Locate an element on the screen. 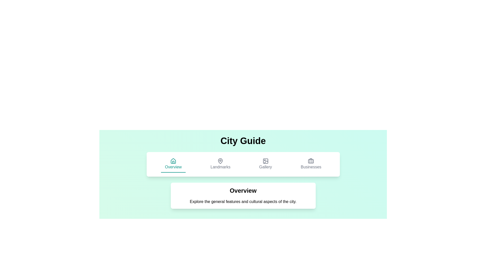 The image size is (483, 271). the gallery icon in the navigation bar, which is a square icon with rounded corners resembling a photo image is located at coordinates (265, 161).